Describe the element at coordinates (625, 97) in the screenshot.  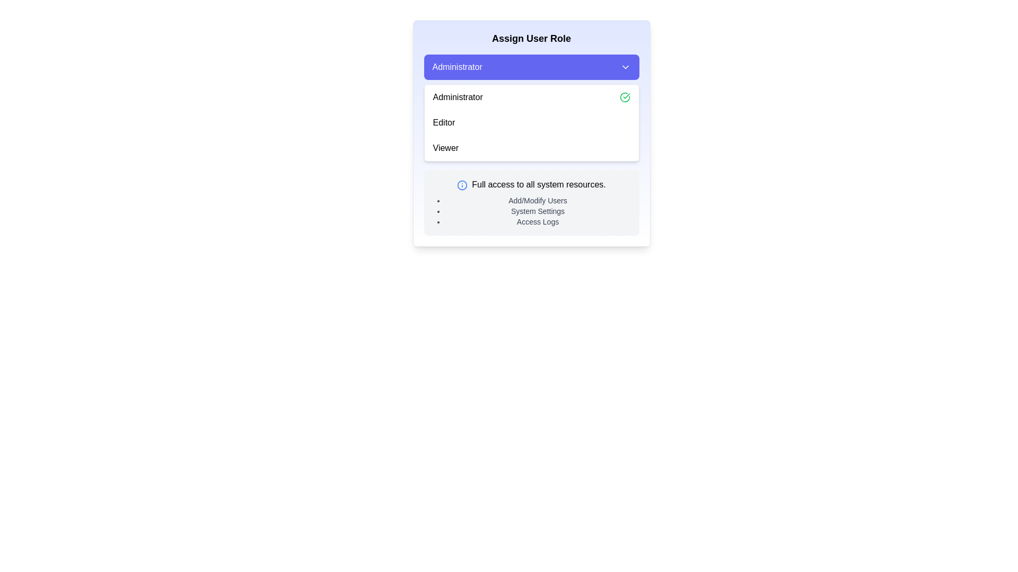
I see `the icon indicating the current selection` at that location.